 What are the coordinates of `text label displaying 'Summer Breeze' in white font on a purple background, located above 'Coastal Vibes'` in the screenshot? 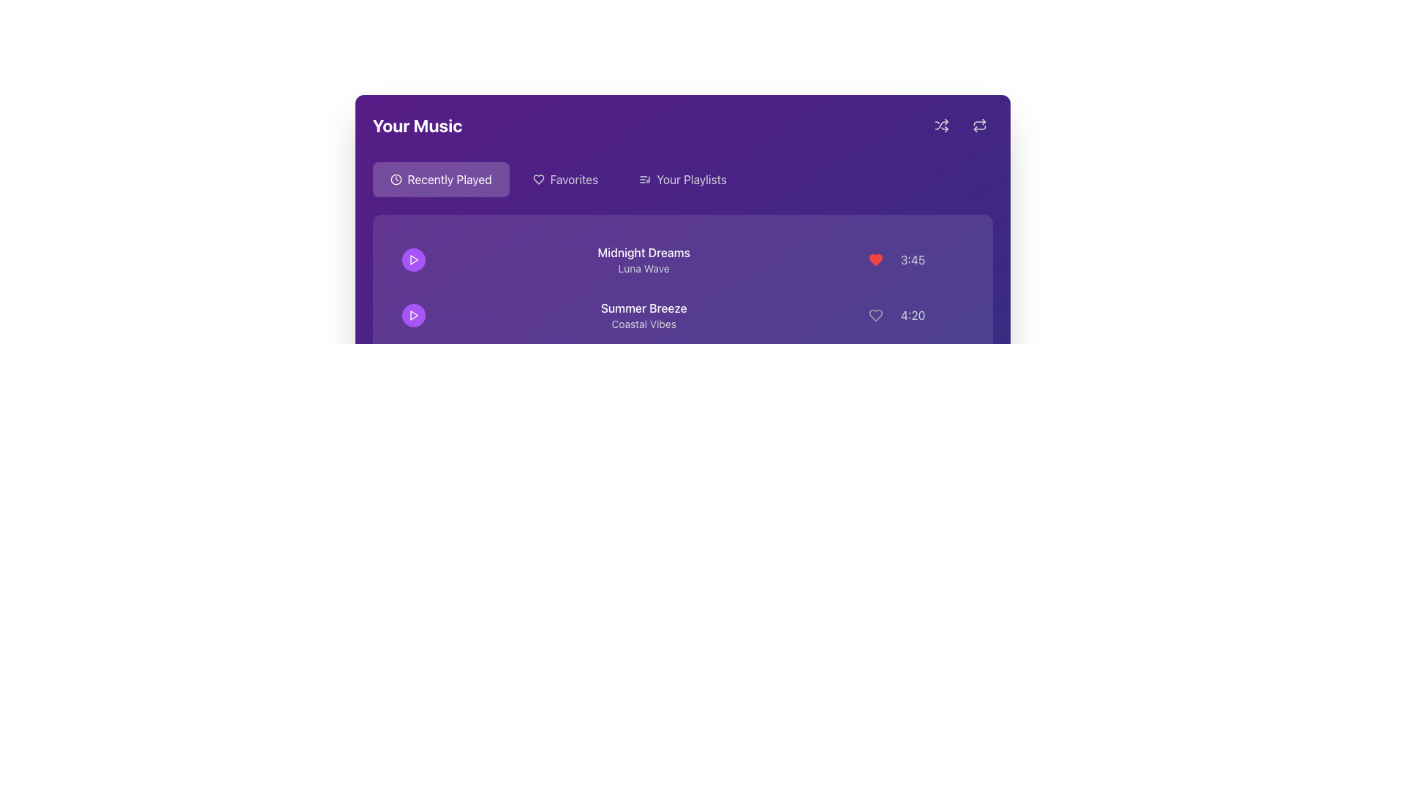 It's located at (643, 307).